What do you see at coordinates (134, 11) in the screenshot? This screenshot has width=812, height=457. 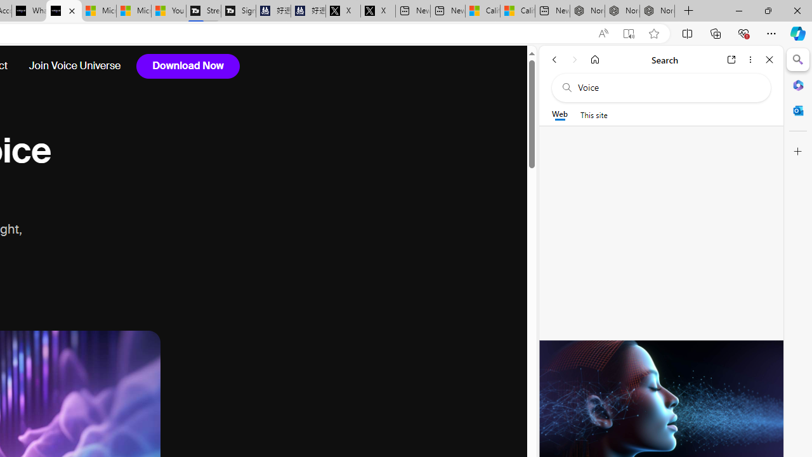 I see `'Microsoft Start'` at bounding box center [134, 11].